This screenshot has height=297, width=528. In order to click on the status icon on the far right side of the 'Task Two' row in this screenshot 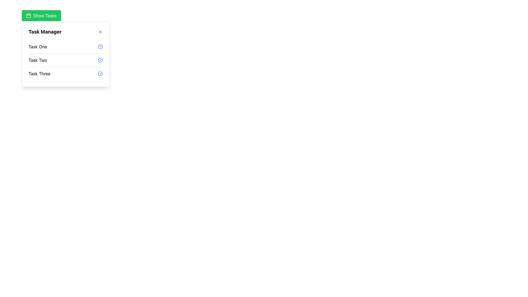, I will do `click(100, 60)`.